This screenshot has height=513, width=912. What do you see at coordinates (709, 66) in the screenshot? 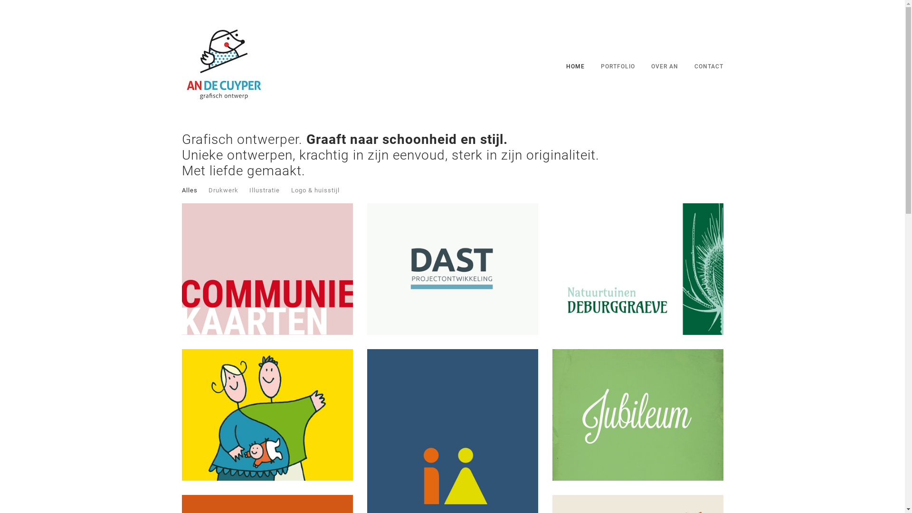
I see `'CONTACT'` at bounding box center [709, 66].